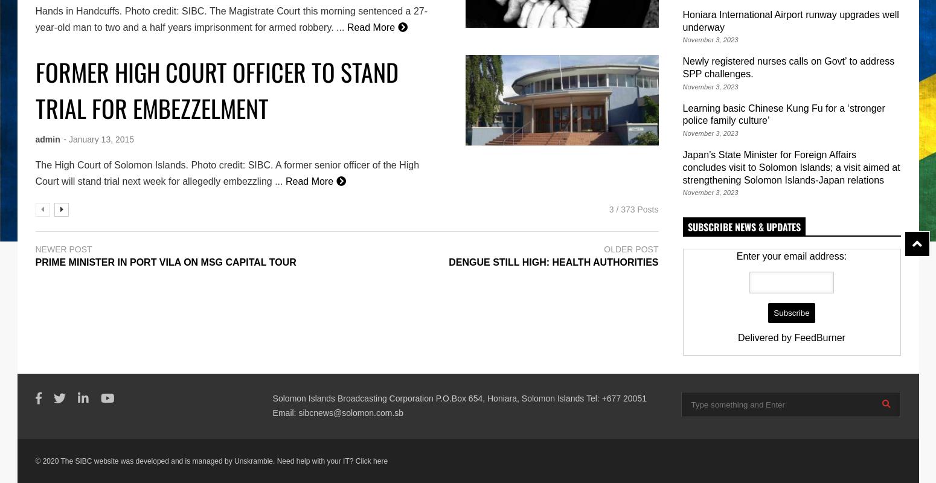 Image resolution: width=936 pixels, height=483 pixels. What do you see at coordinates (134, 461) in the screenshot?
I see `'© 2020 The SIBC website was developed and is managed by'` at bounding box center [134, 461].